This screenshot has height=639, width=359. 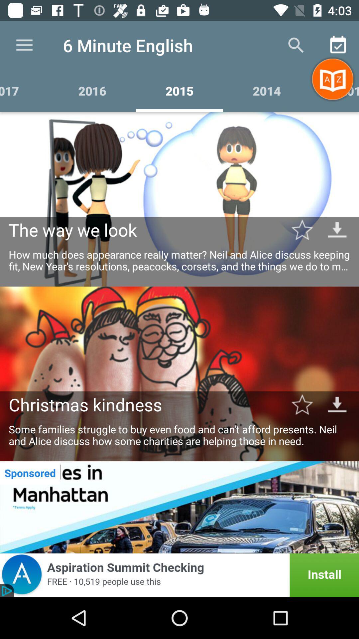 What do you see at coordinates (337, 404) in the screenshot?
I see `download that podcast` at bounding box center [337, 404].